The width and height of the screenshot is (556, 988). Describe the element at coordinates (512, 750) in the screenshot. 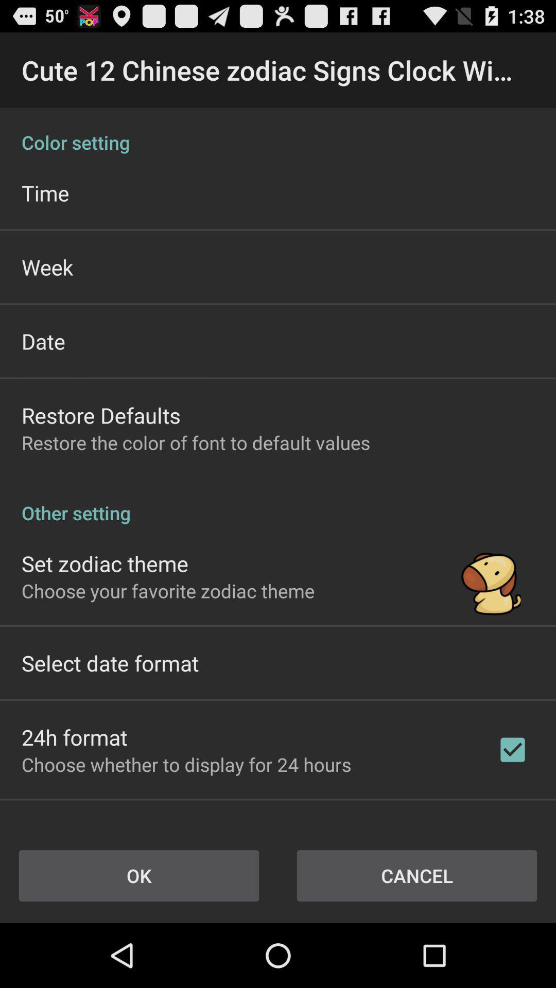

I see `the last tick box` at that location.